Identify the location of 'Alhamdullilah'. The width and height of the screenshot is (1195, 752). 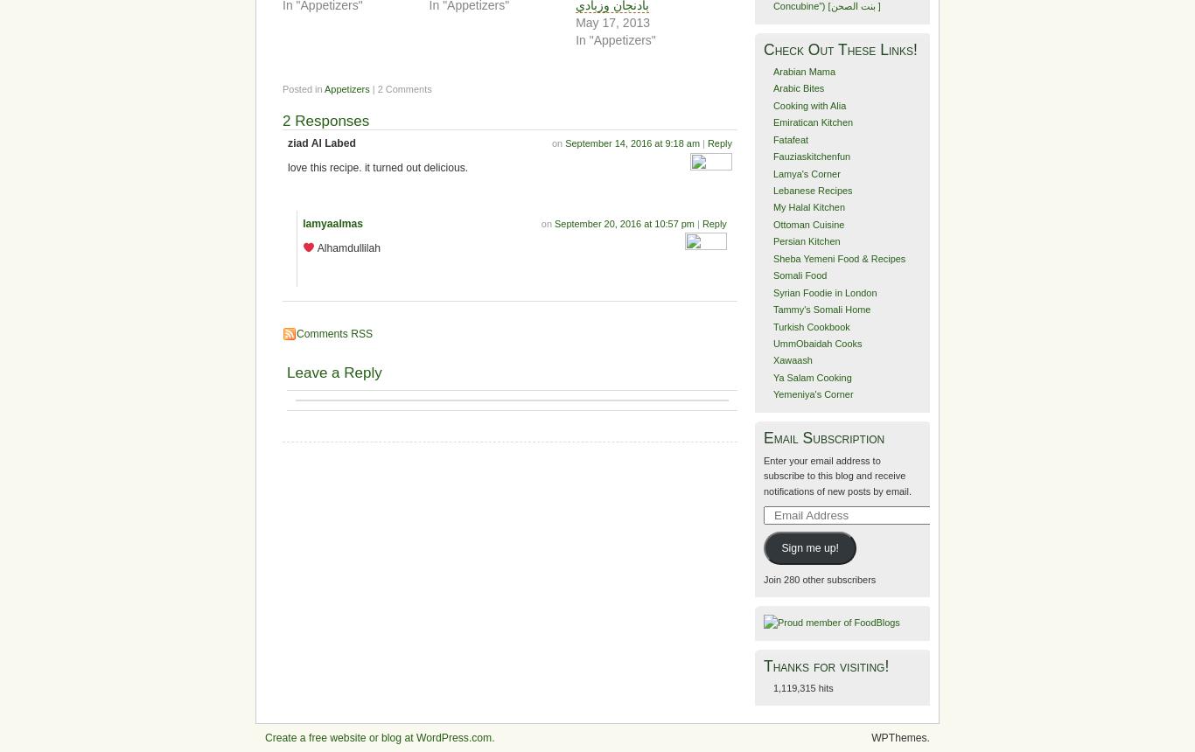
(346, 247).